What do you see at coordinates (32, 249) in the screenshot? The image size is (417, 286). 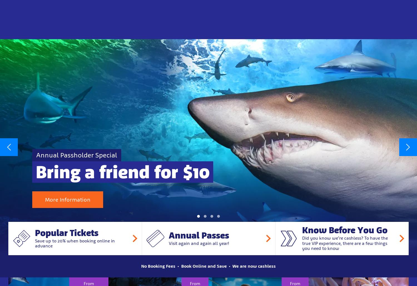 I see `'Save BIG on Black Friday!'` at bounding box center [32, 249].